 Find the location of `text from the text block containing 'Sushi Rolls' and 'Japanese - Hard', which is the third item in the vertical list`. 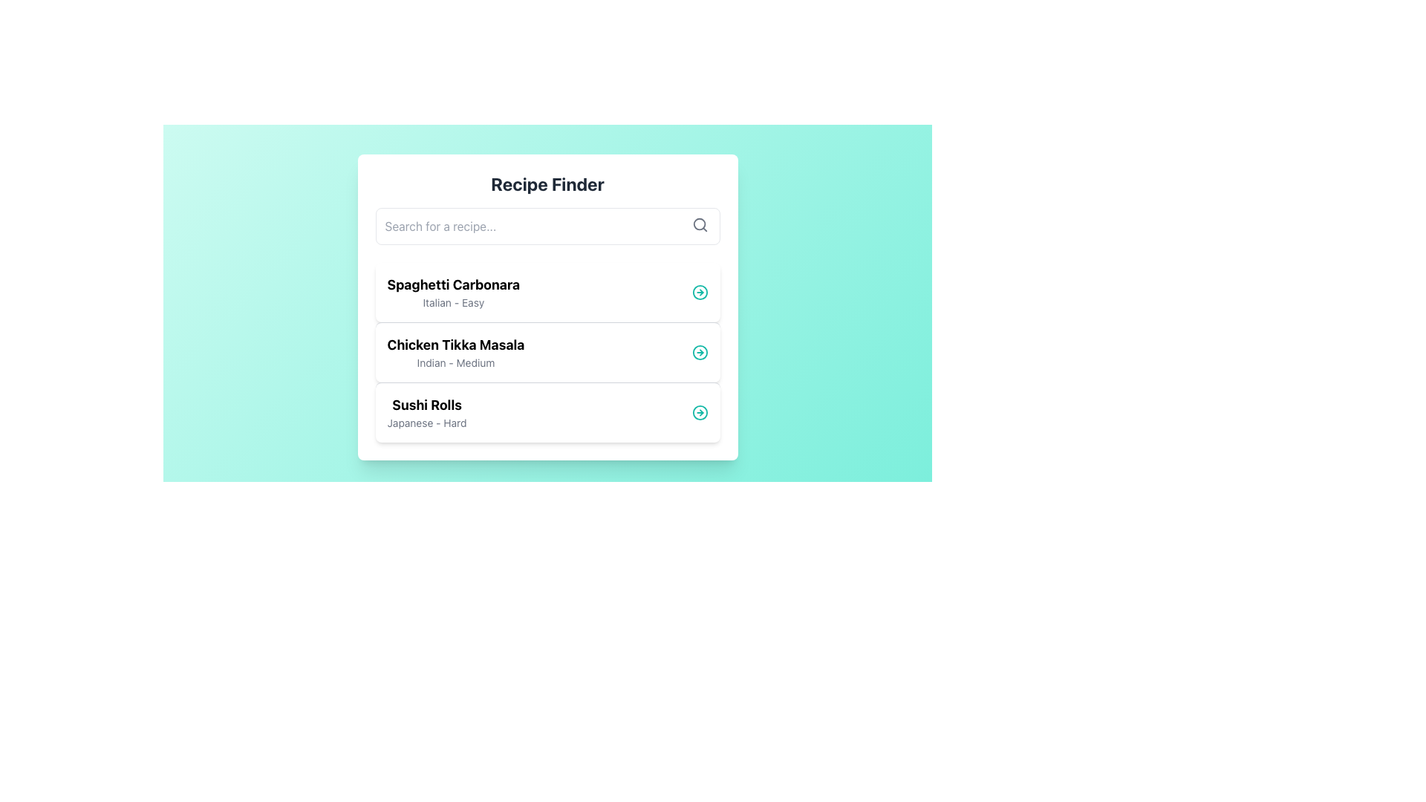

text from the text block containing 'Sushi Rolls' and 'Japanese - Hard', which is the third item in the vertical list is located at coordinates (426, 412).